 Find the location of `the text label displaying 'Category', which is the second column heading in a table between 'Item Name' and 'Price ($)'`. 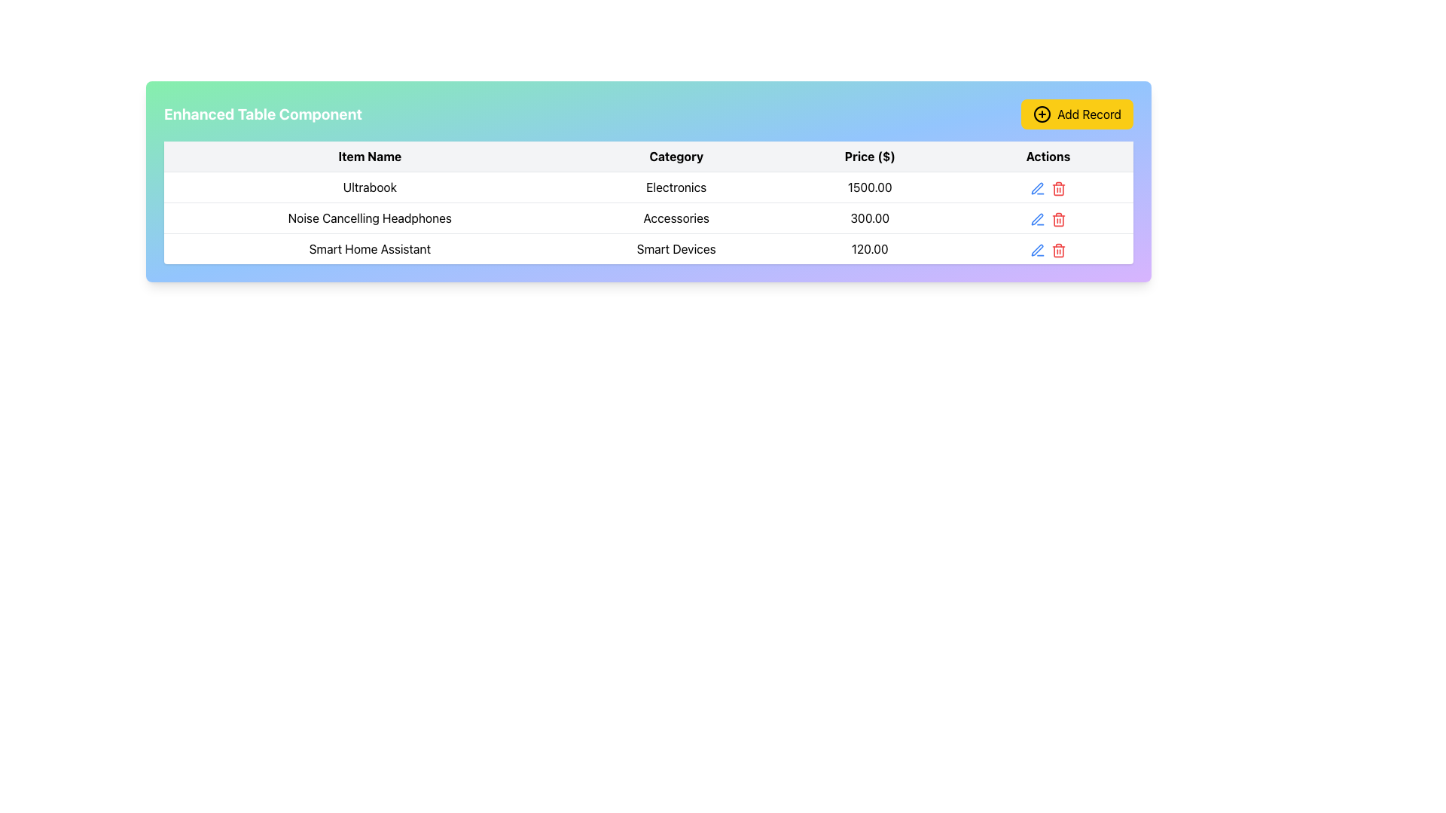

the text label displaying 'Category', which is the second column heading in a table between 'Item Name' and 'Price ($)' is located at coordinates (676, 157).